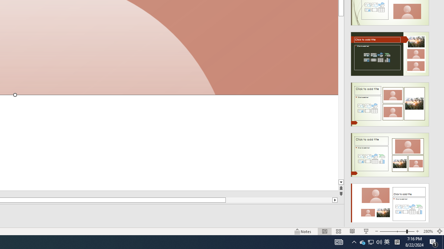  I want to click on 'Zoom', so click(397, 231).